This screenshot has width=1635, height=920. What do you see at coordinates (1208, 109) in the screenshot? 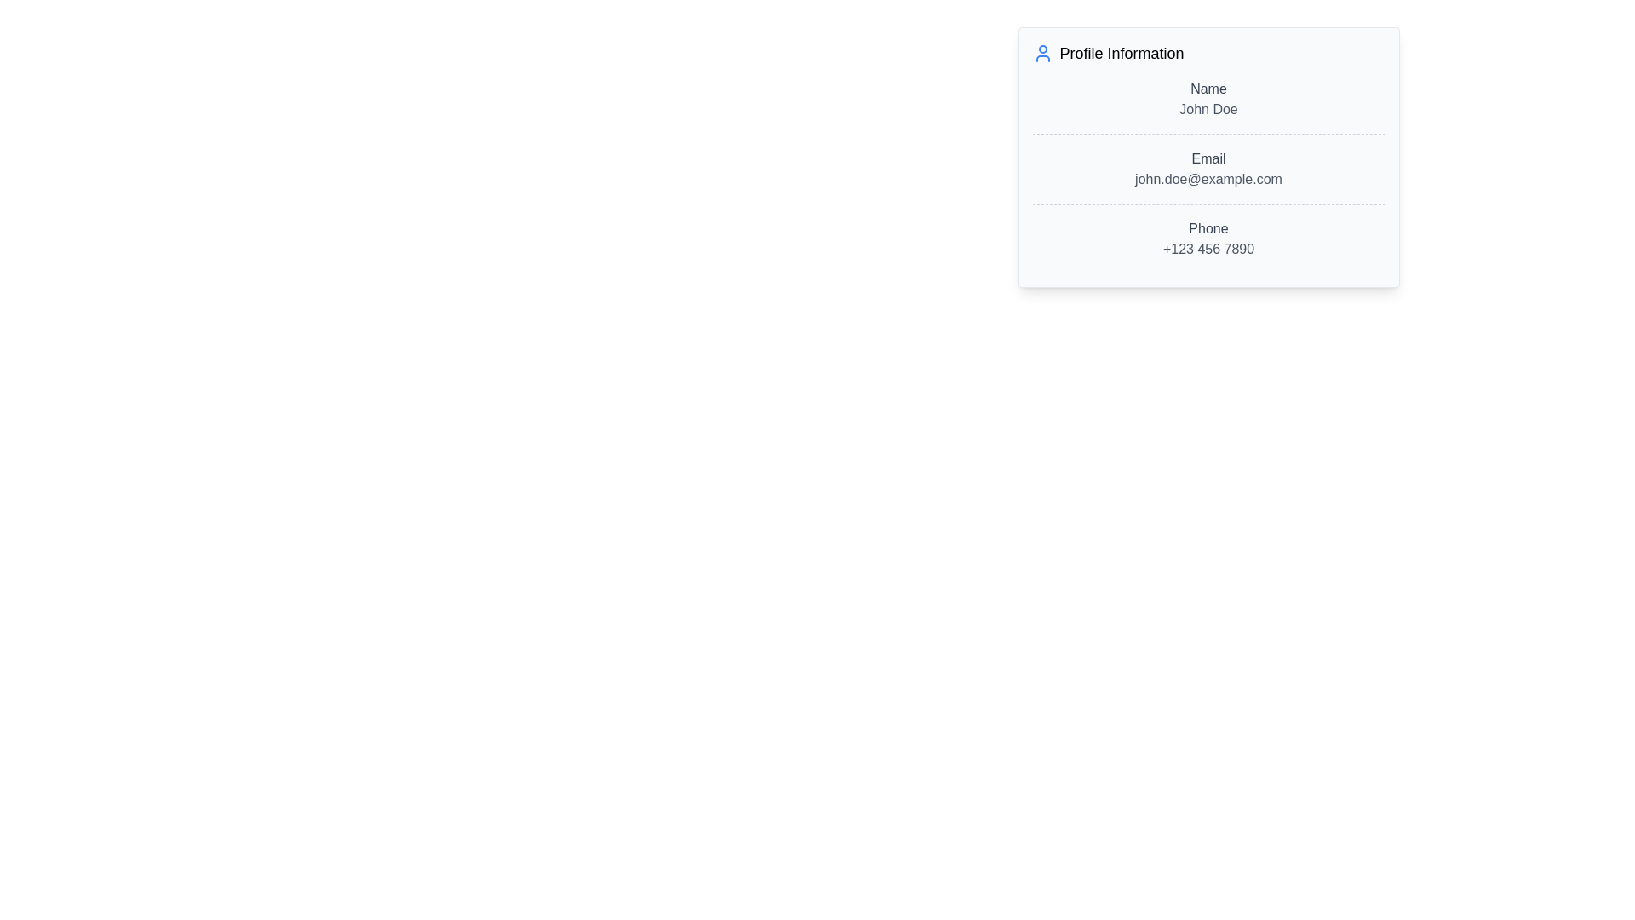
I see `text element displaying 'John Doe', which is styled in gray and is located within a profile information card below the label 'Name'` at bounding box center [1208, 109].